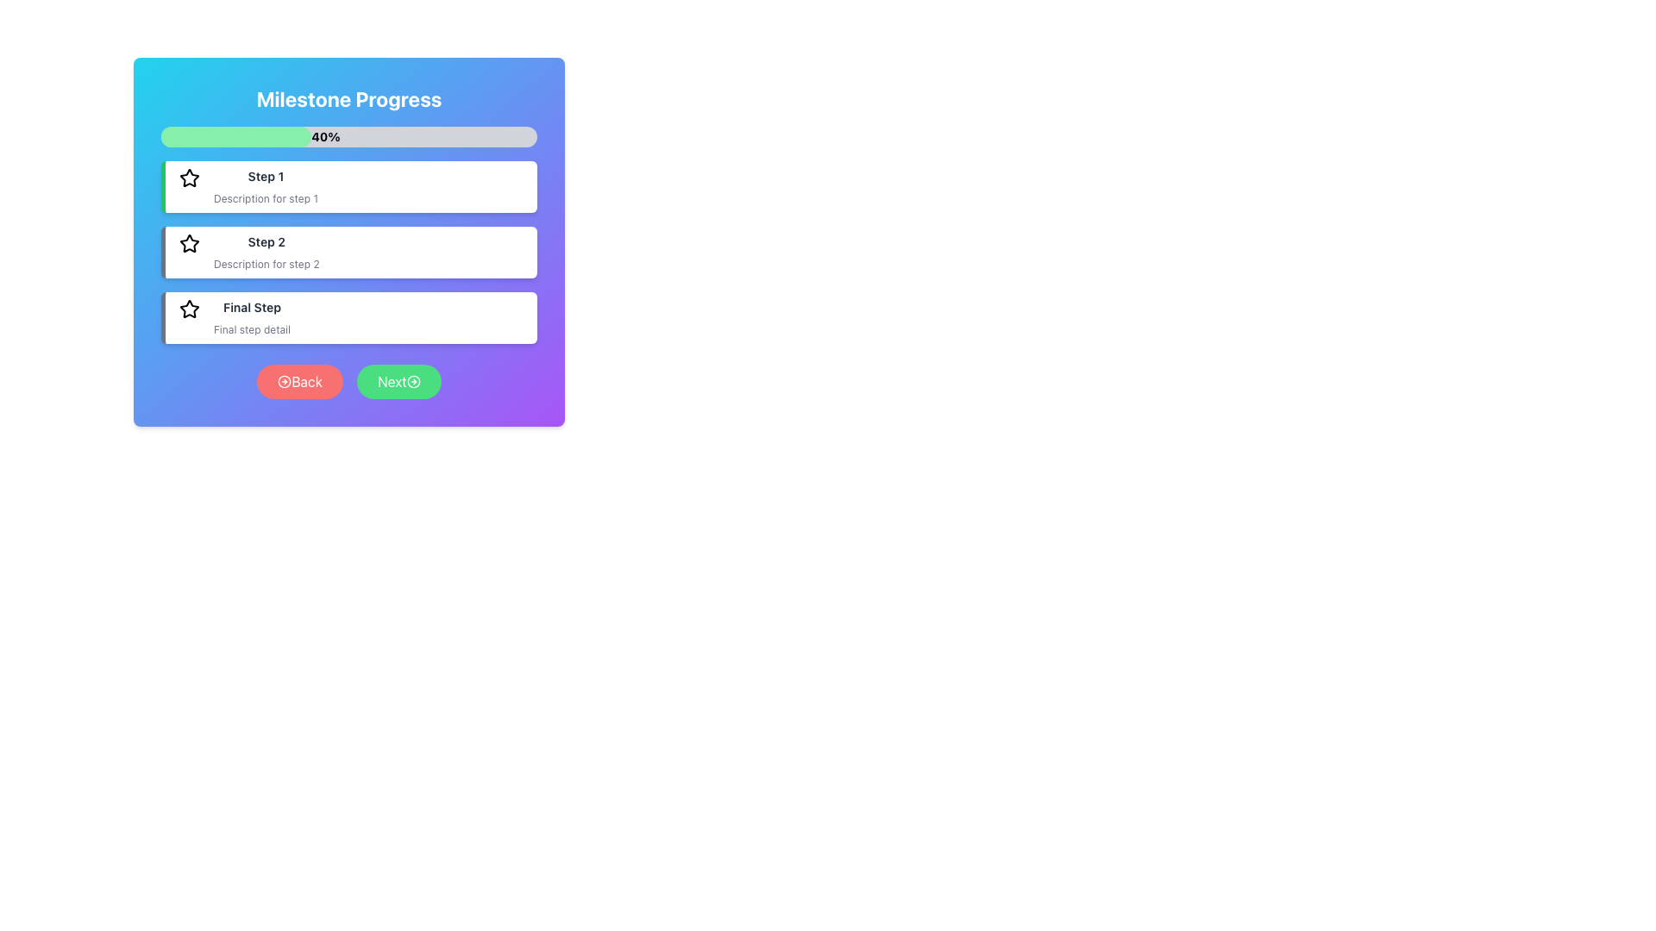  I want to click on the text label reading 'Step 2', which is bold and dark gray, located in the second white card section under the main header, so click(266, 242).